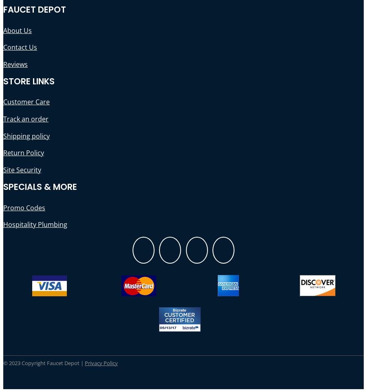 This screenshot has height=392, width=367. What do you see at coordinates (35, 225) in the screenshot?
I see `'Hospitality Plumbing'` at bounding box center [35, 225].